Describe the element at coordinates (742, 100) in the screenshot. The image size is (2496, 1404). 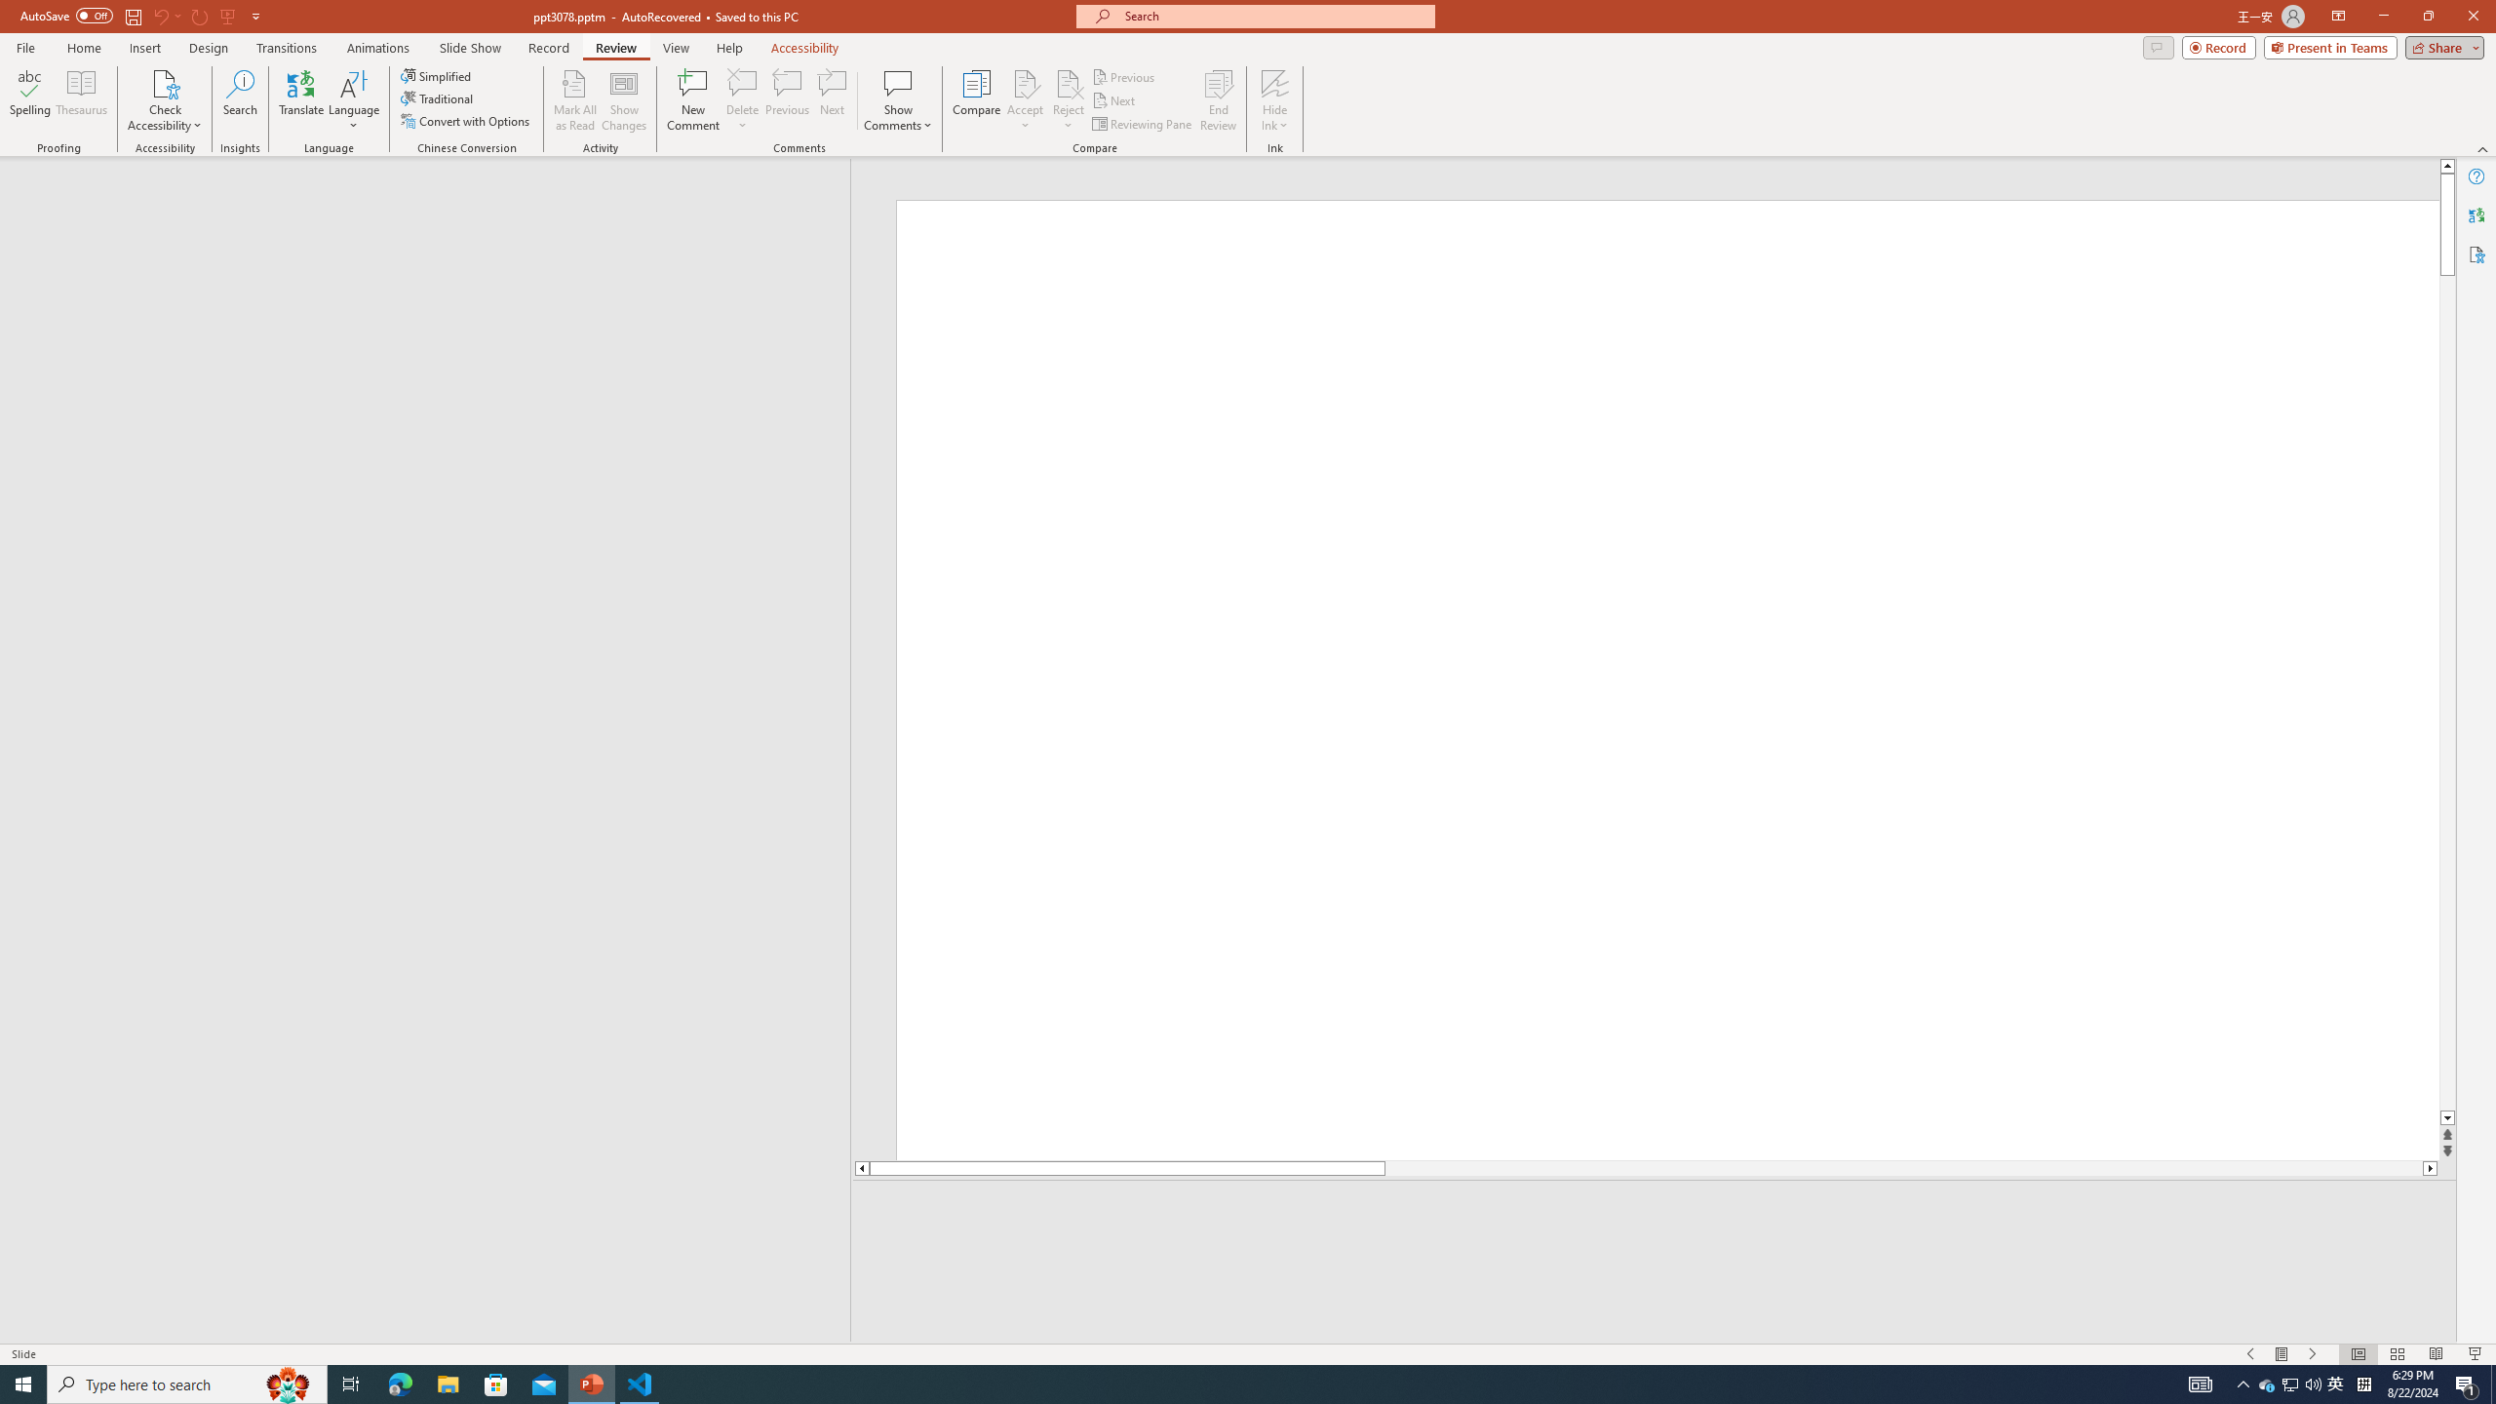
I see `'Delete'` at that location.